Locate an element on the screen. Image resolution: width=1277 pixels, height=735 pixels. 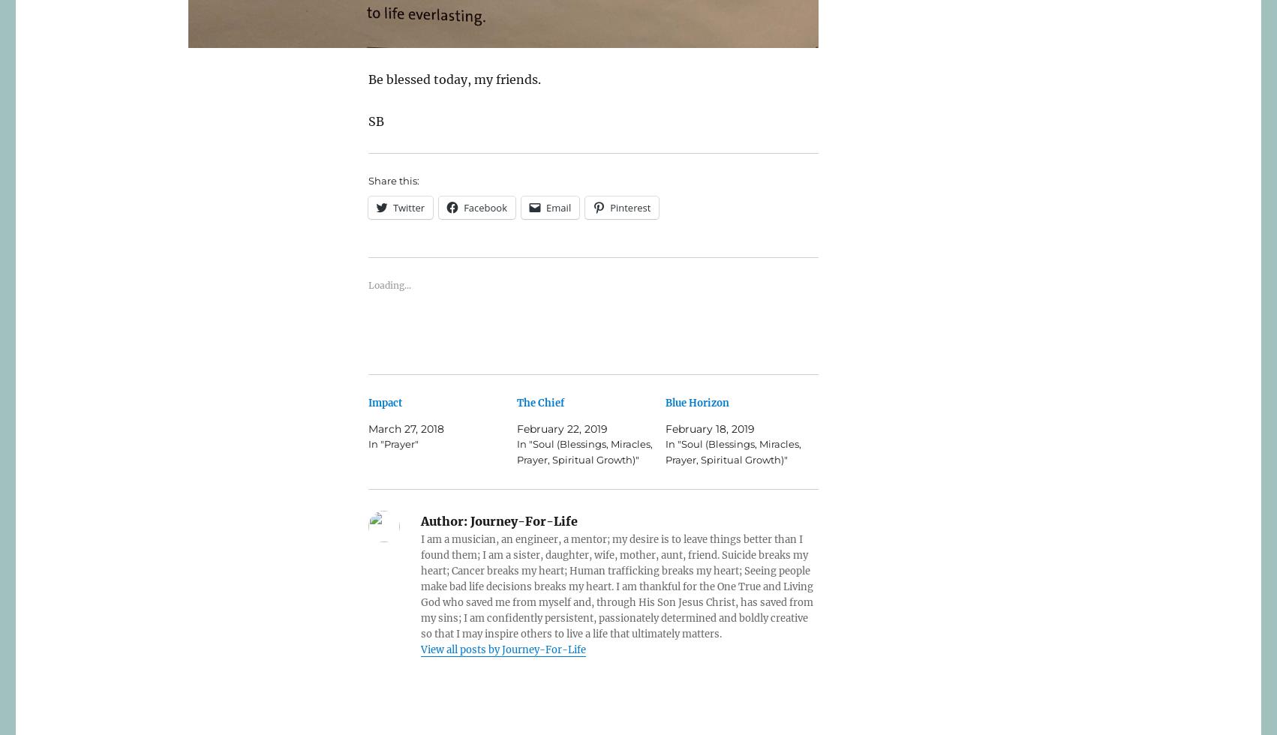
'Journey-For-Life' is located at coordinates (522, 521).